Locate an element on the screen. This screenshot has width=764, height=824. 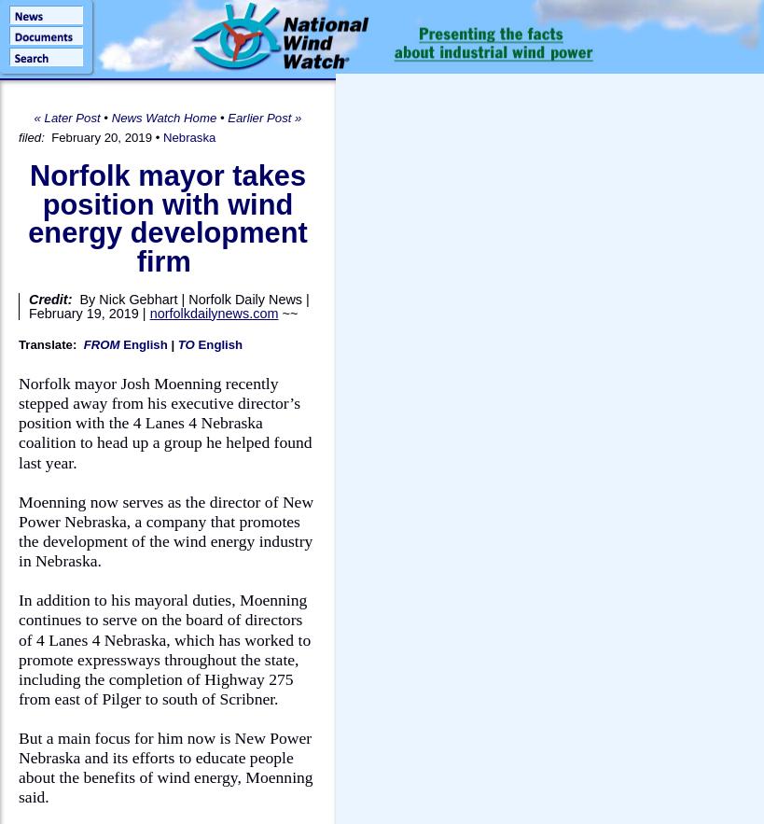
'Nebraska' is located at coordinates (188, 137).